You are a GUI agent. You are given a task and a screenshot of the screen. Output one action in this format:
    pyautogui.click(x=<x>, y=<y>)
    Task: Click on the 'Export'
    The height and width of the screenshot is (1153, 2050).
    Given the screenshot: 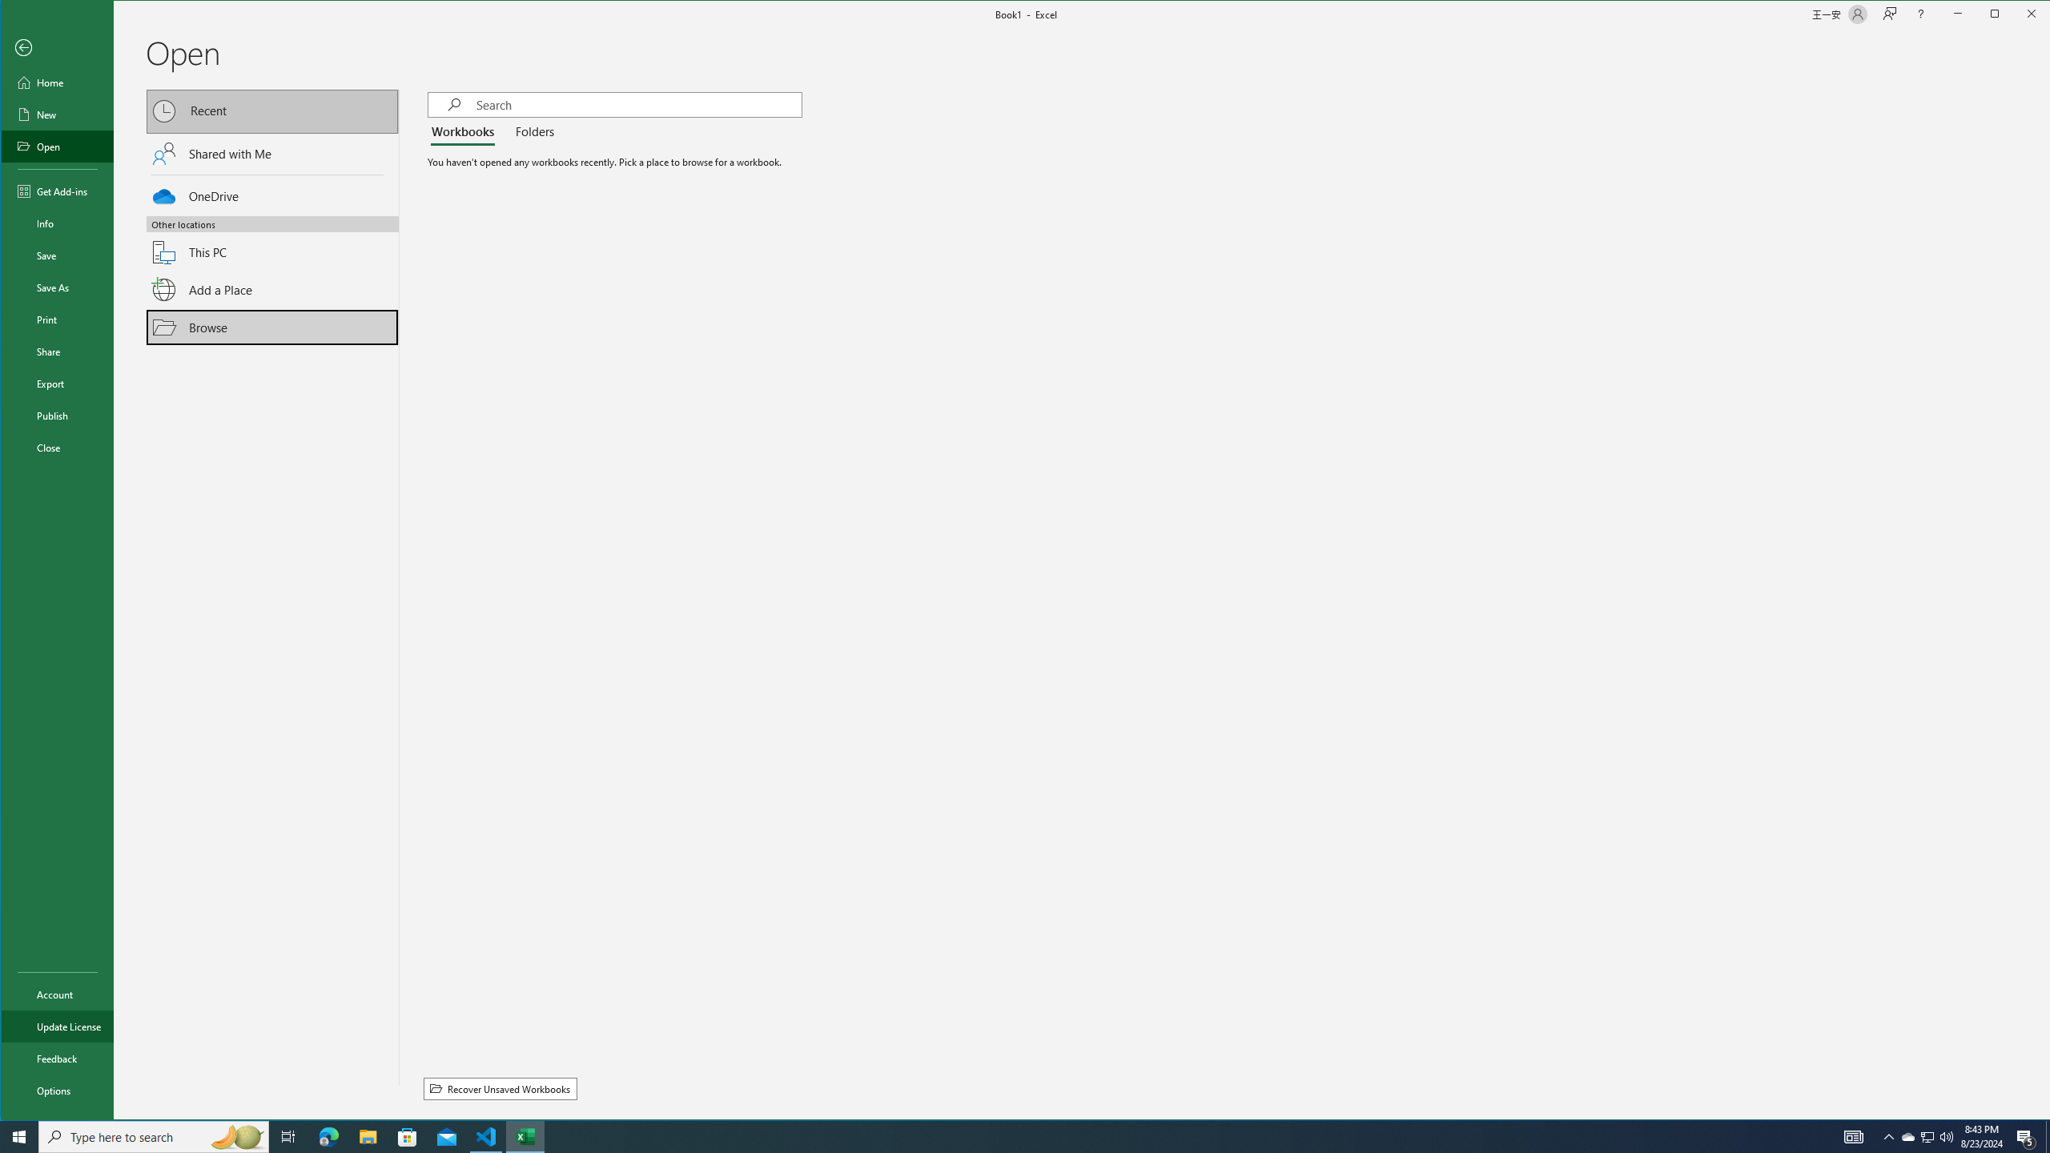 What is the action you would take?
    pyautogui.click(x=56, y=383)
    